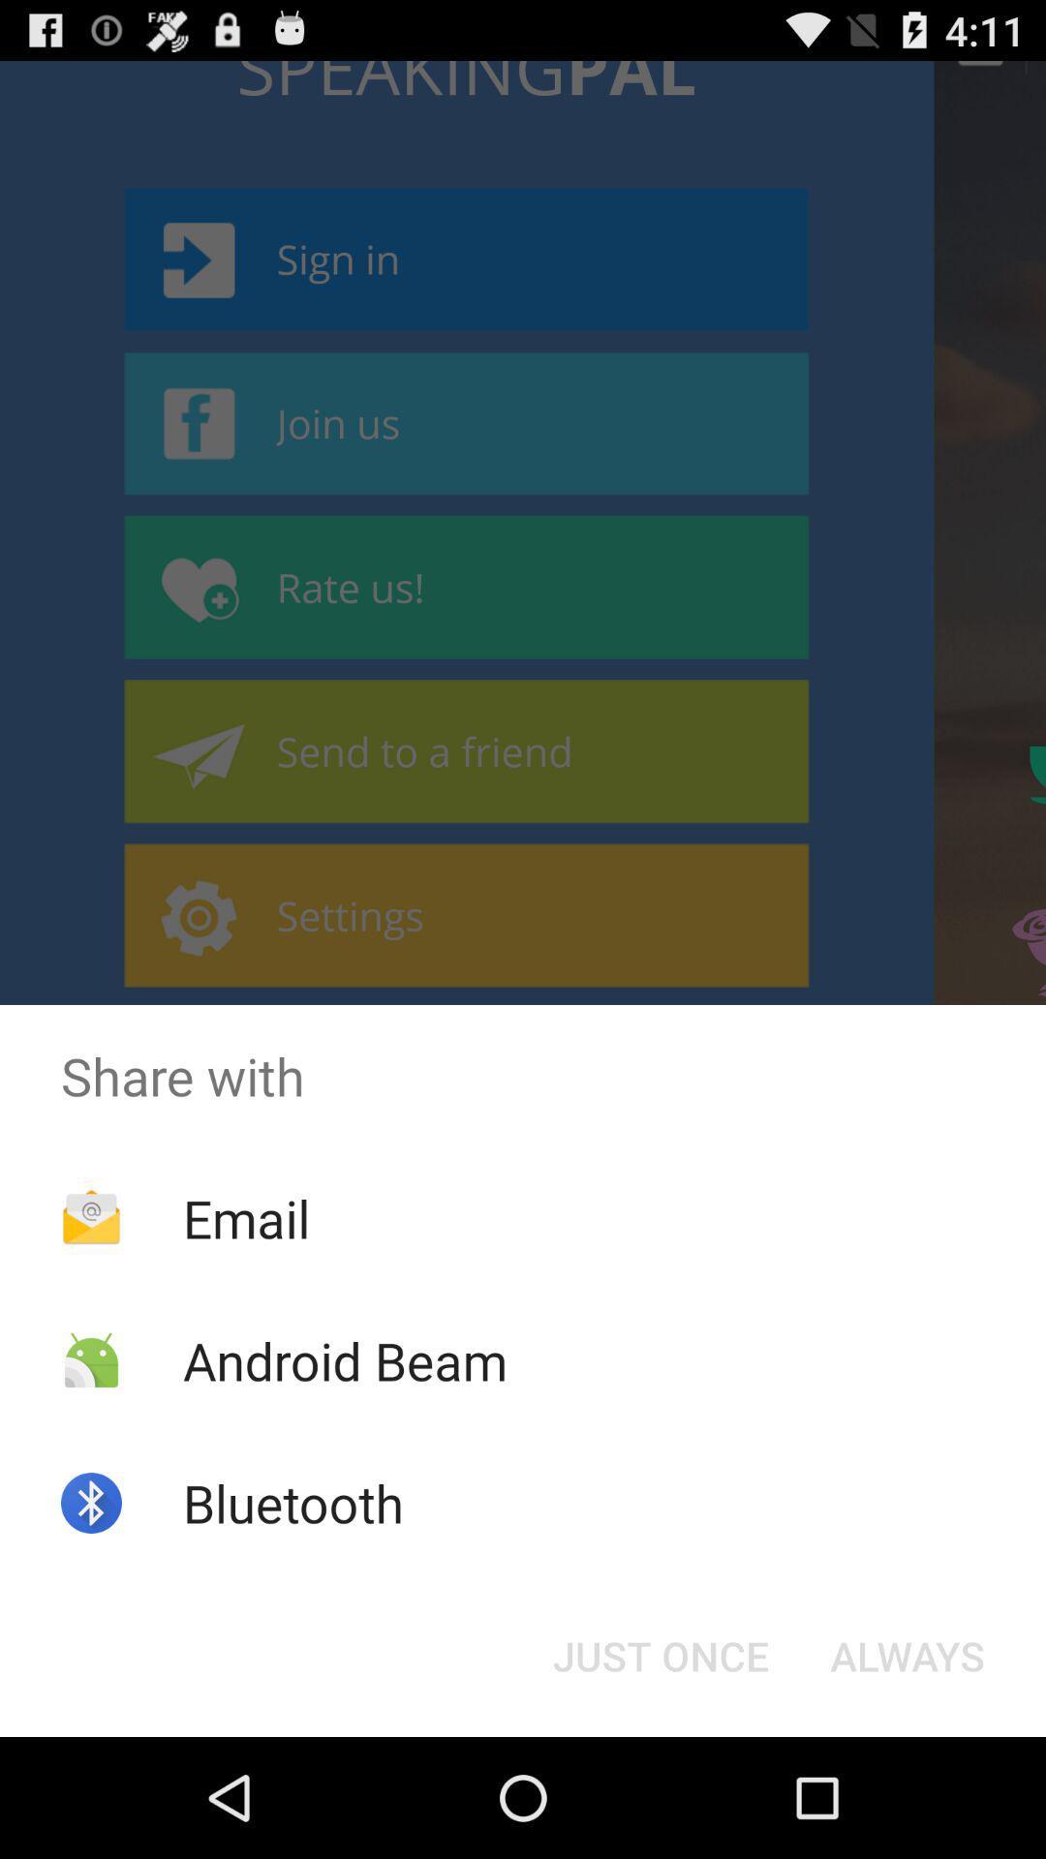 The image size is (1046, 1859). I want to click on the app below share with item, so click(908, 1654).